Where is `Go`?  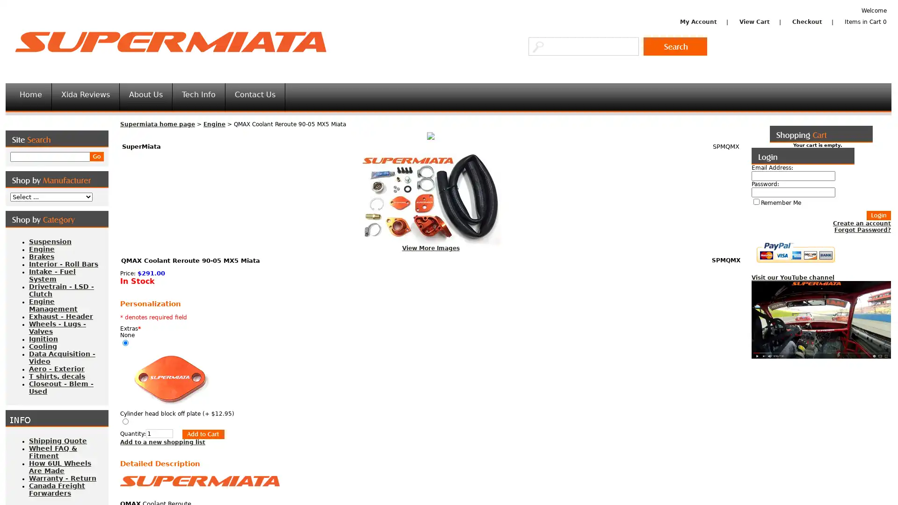 Go is located at coordinates (96, 156).